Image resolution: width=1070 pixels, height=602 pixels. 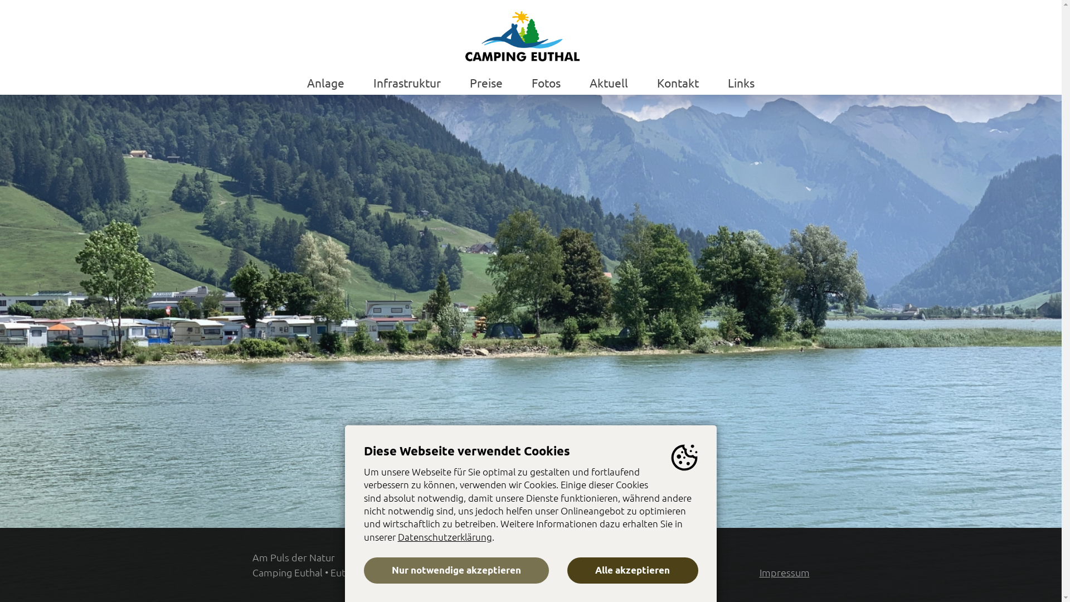 What do you see at coordinates (632, 570) in the screenshot?
I see `'Alle akzeptieren'` at bounding box center [632, 570].